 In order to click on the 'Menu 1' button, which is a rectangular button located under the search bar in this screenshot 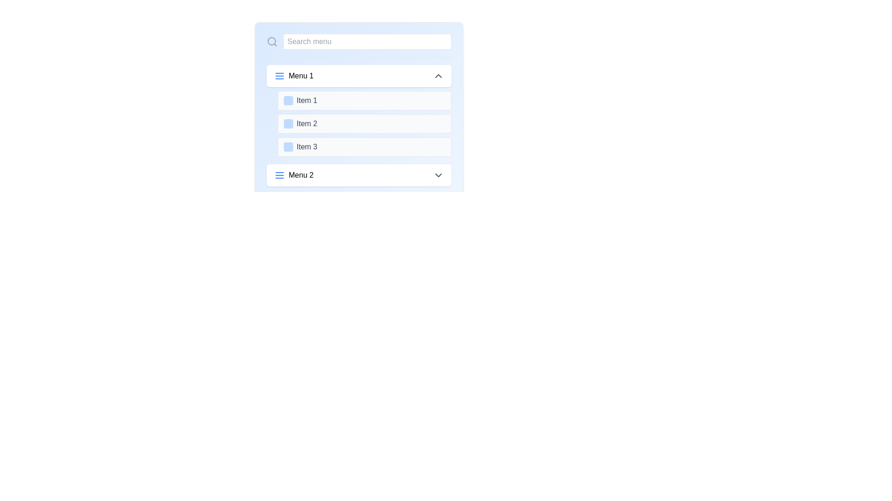, I will do `click(358, 76)`.